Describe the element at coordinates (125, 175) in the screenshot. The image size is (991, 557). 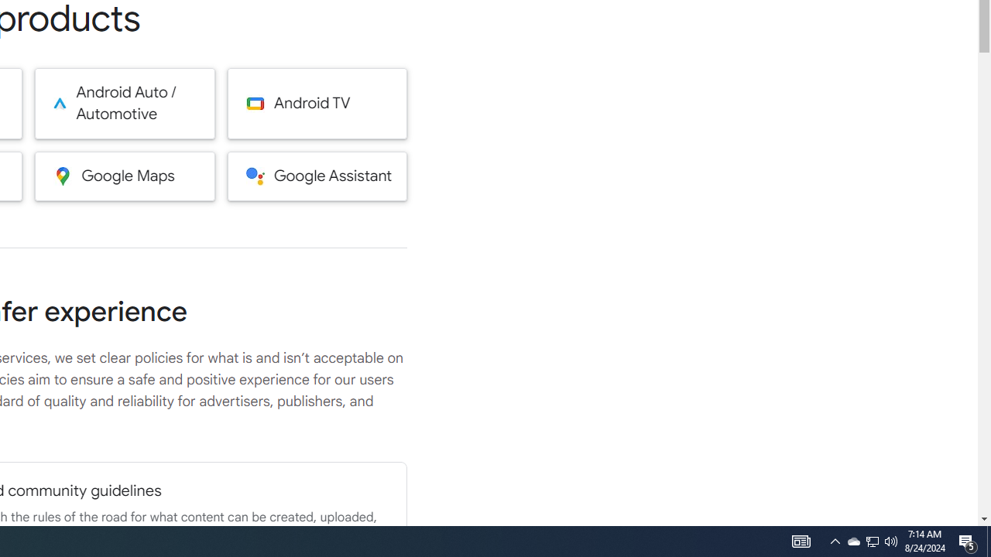
I see `'Google Maps'` at that location.